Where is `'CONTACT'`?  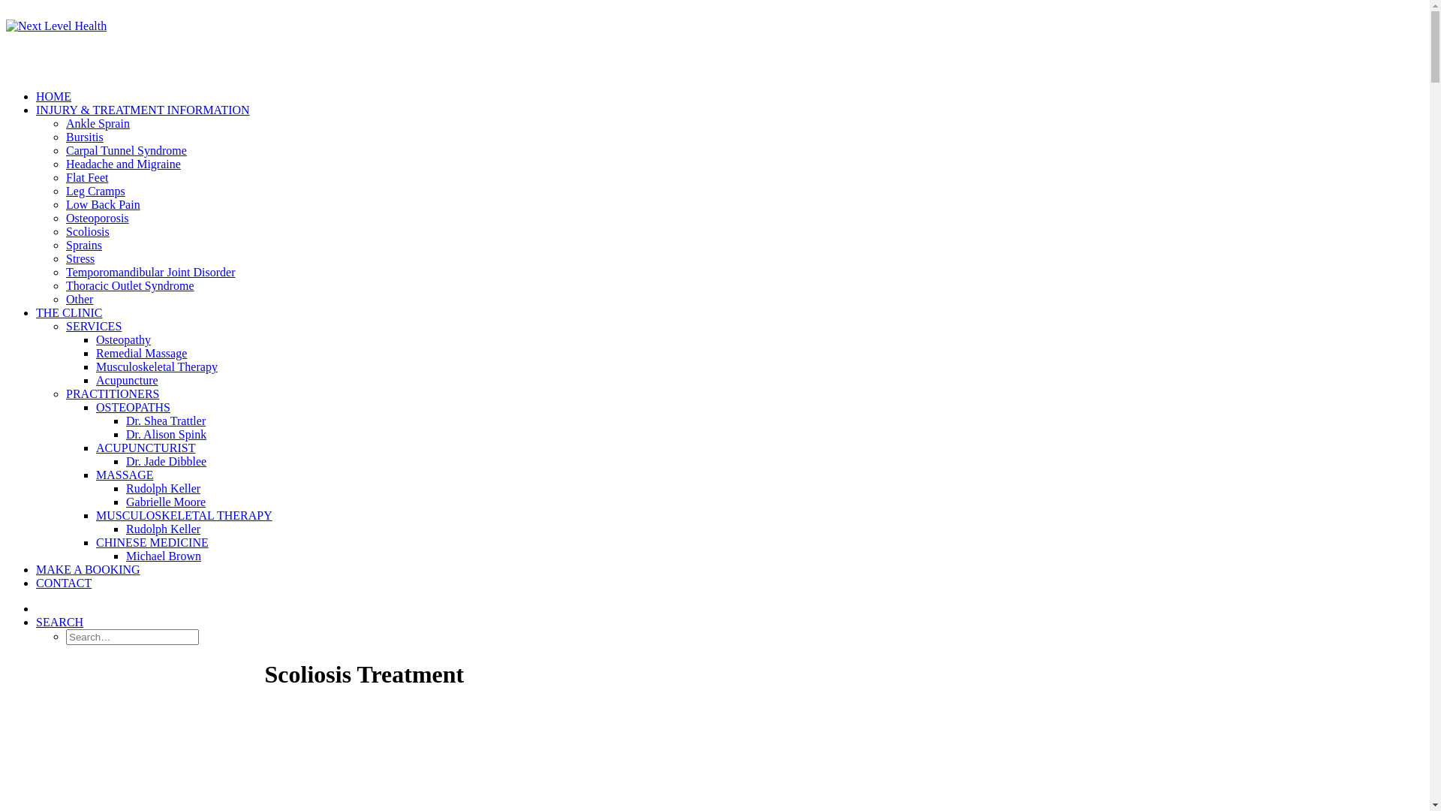
'CONTACT' is located at coordinates (63, 582).